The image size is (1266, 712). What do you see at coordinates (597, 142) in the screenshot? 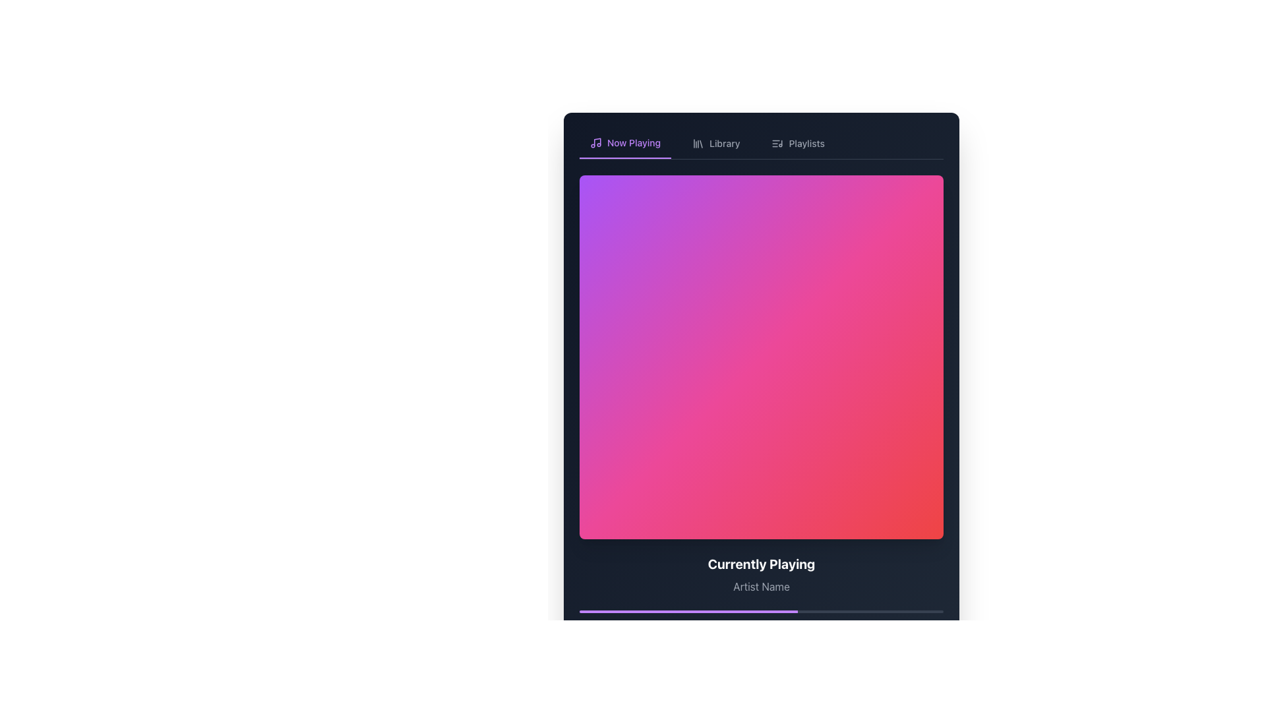
I see `the vertical segment of the musical note icon in the 'Now Playing' section of the music application` at bounding box center [597, 142].